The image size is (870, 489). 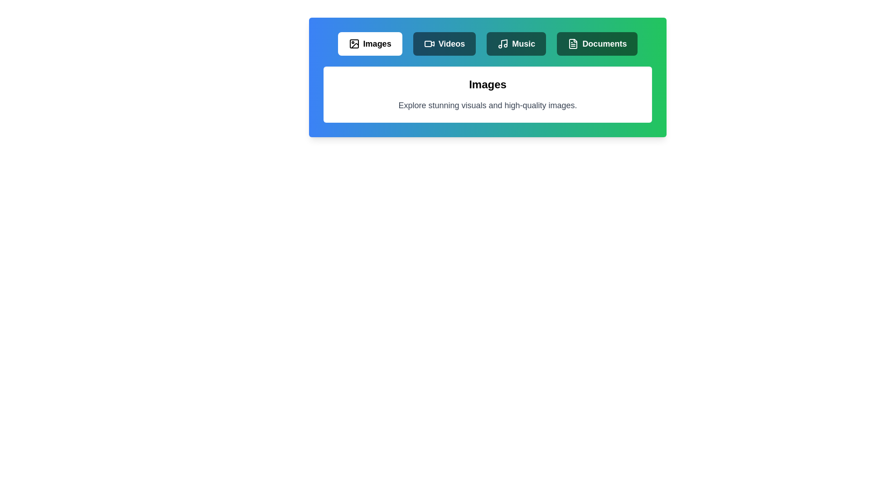 What do you see at coordinates (597, 43) in the screenshot?
I see `the Documents tab` at bounding box center [597, 43].